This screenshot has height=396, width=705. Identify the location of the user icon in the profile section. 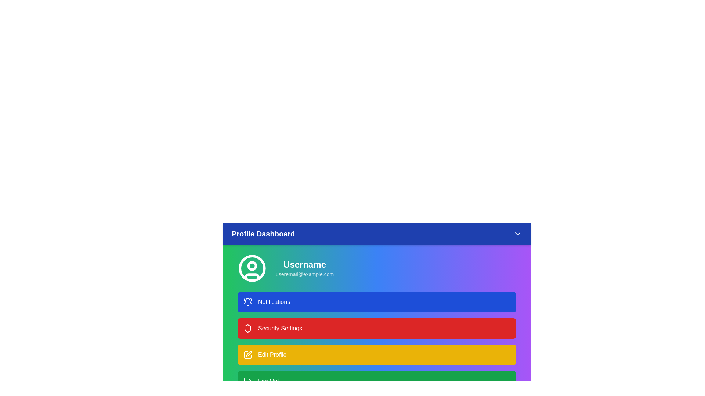
(252, 268).